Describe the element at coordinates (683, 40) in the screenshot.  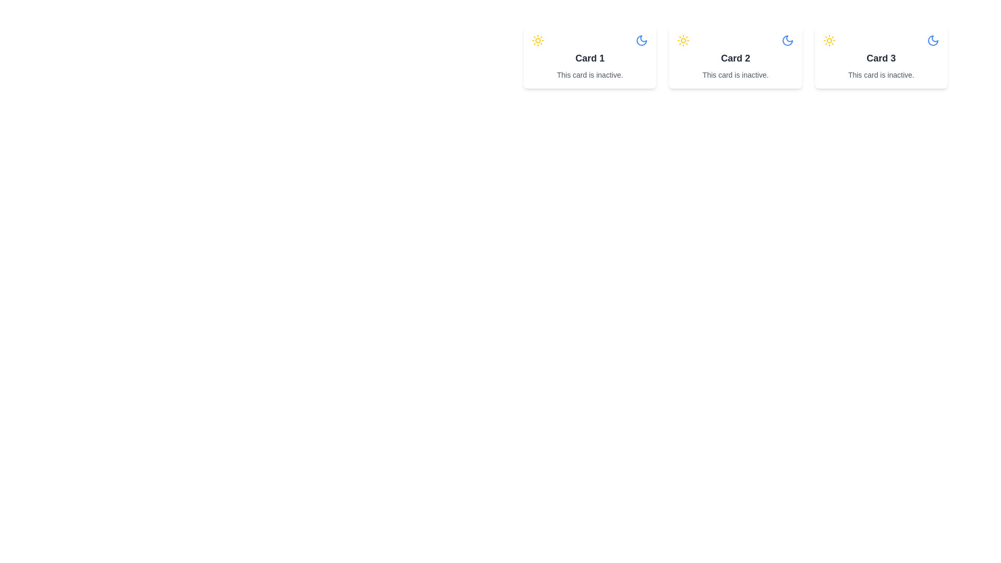
I see `the stylized sun icon located in the top-right portion of the interface` at that location.